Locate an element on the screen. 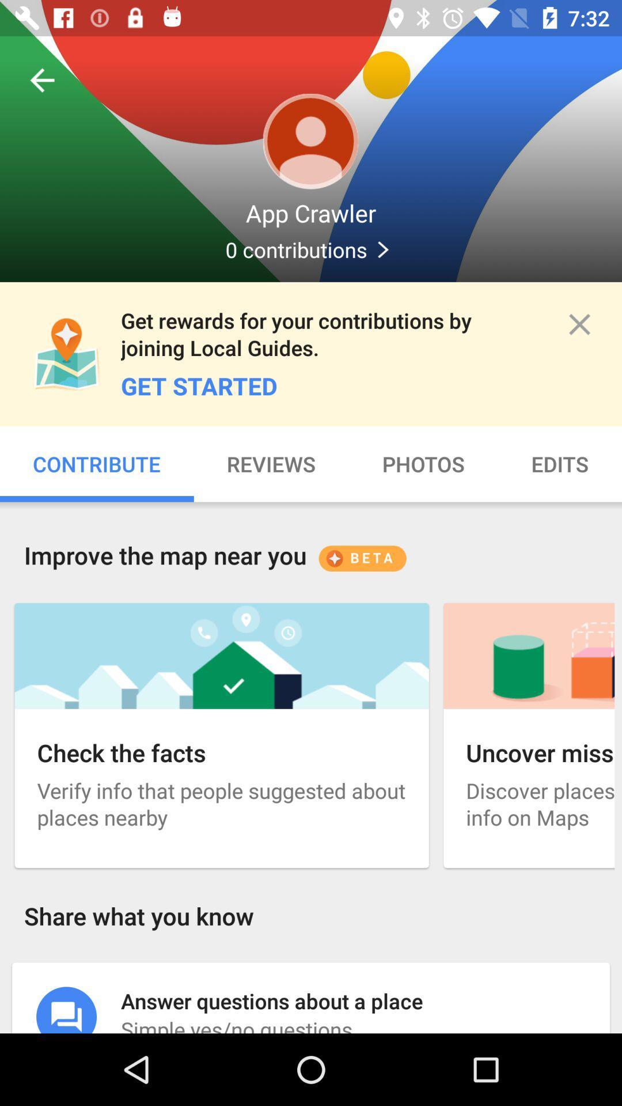 This screenshot has width=622, height=1106. the text below share what you know is located at coordinates (311, 997).